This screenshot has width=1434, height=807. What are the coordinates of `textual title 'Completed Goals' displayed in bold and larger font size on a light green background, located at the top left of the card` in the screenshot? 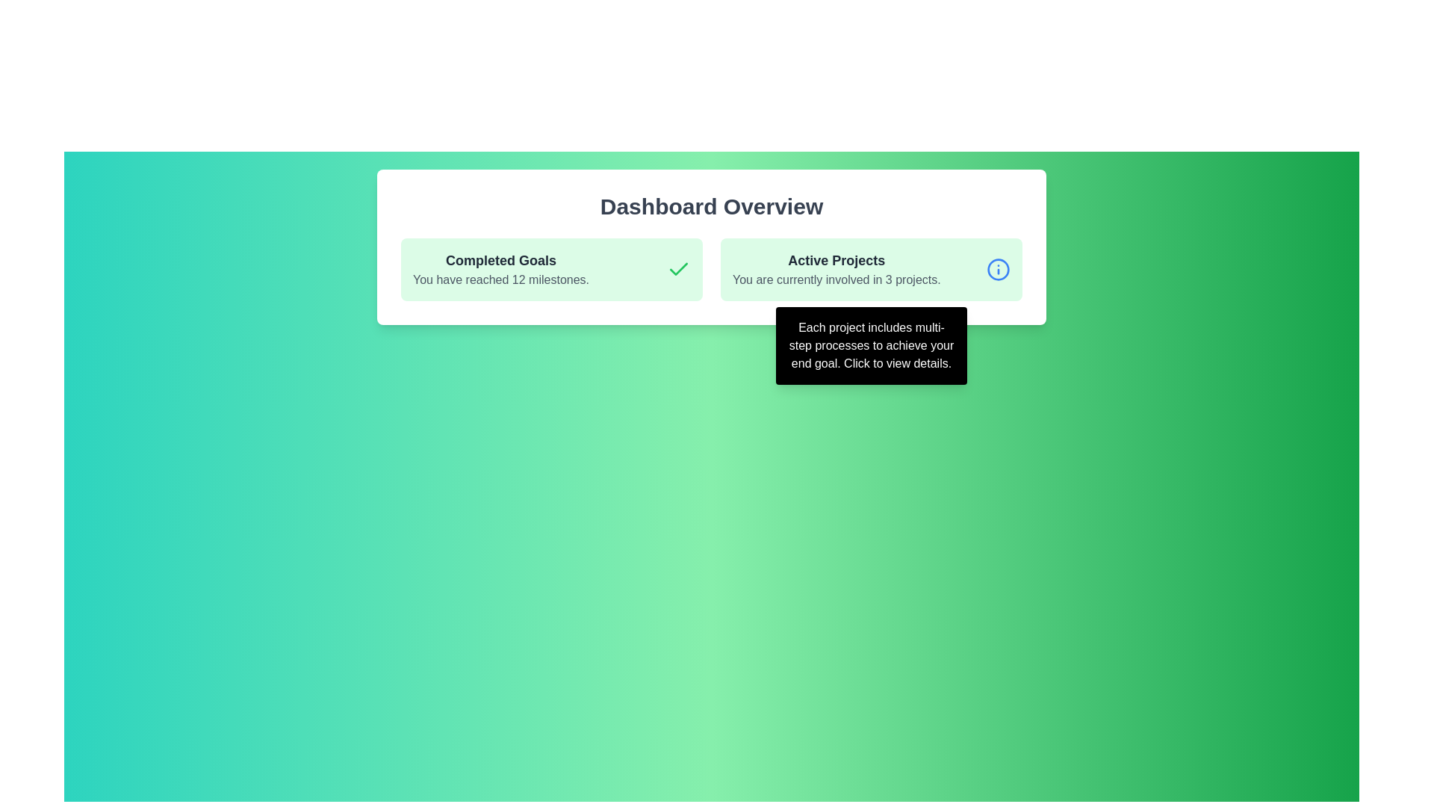 It's located at (501, 259).